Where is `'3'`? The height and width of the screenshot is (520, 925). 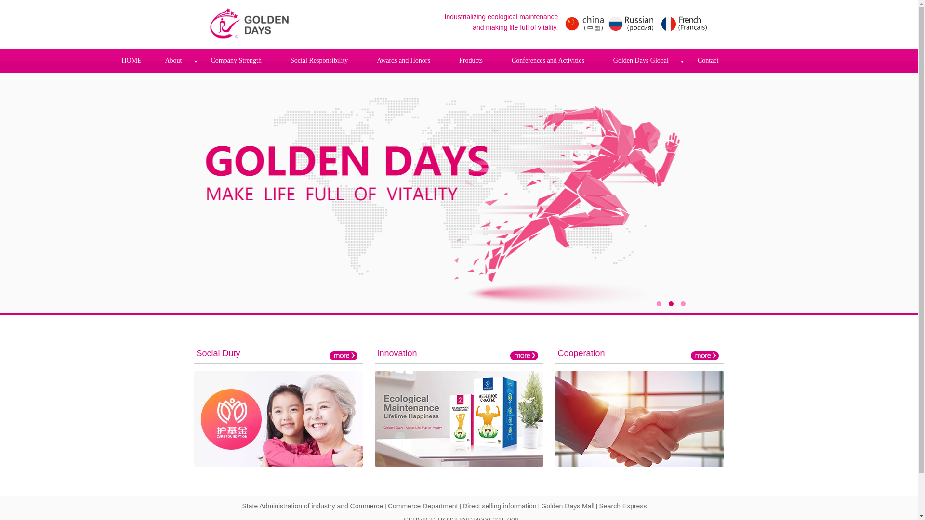
'3' is located at coordinates (679, 304).